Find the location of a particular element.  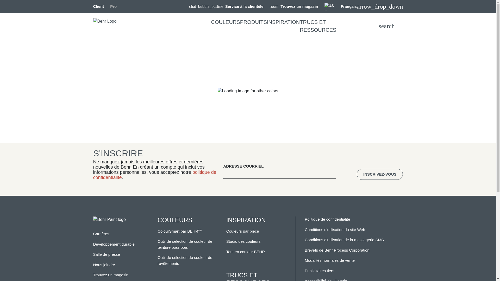

'Studio des couleurs' is located at coordinates (243, 241).